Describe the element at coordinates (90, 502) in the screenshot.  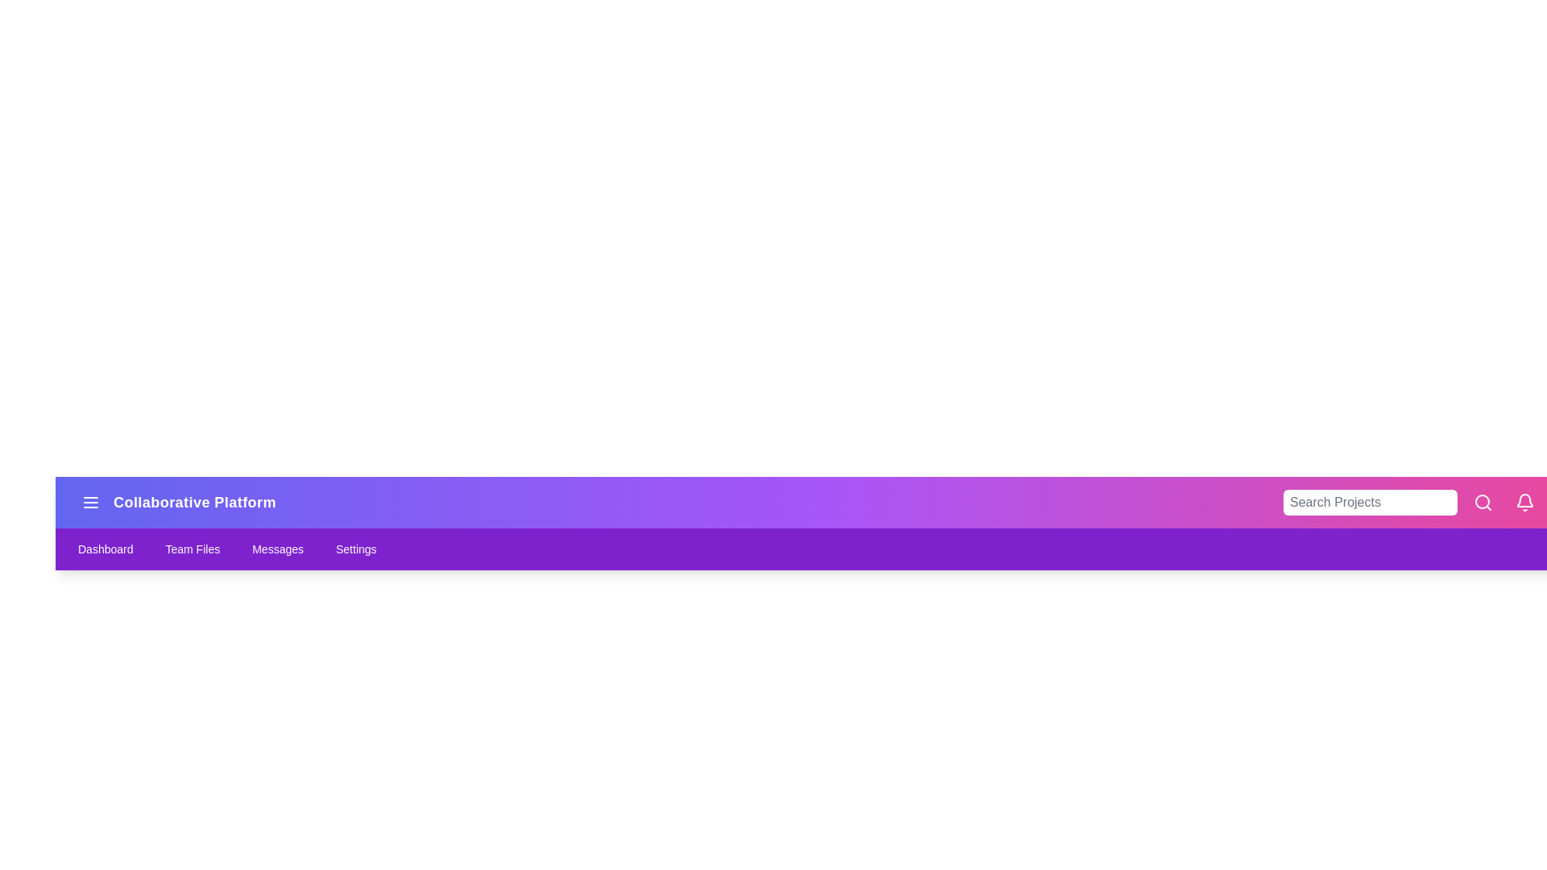
I see `the hamburger menu icon located on the left side of the header bar, adjacent to the logo text 'Collaborative Platform'` at that location.